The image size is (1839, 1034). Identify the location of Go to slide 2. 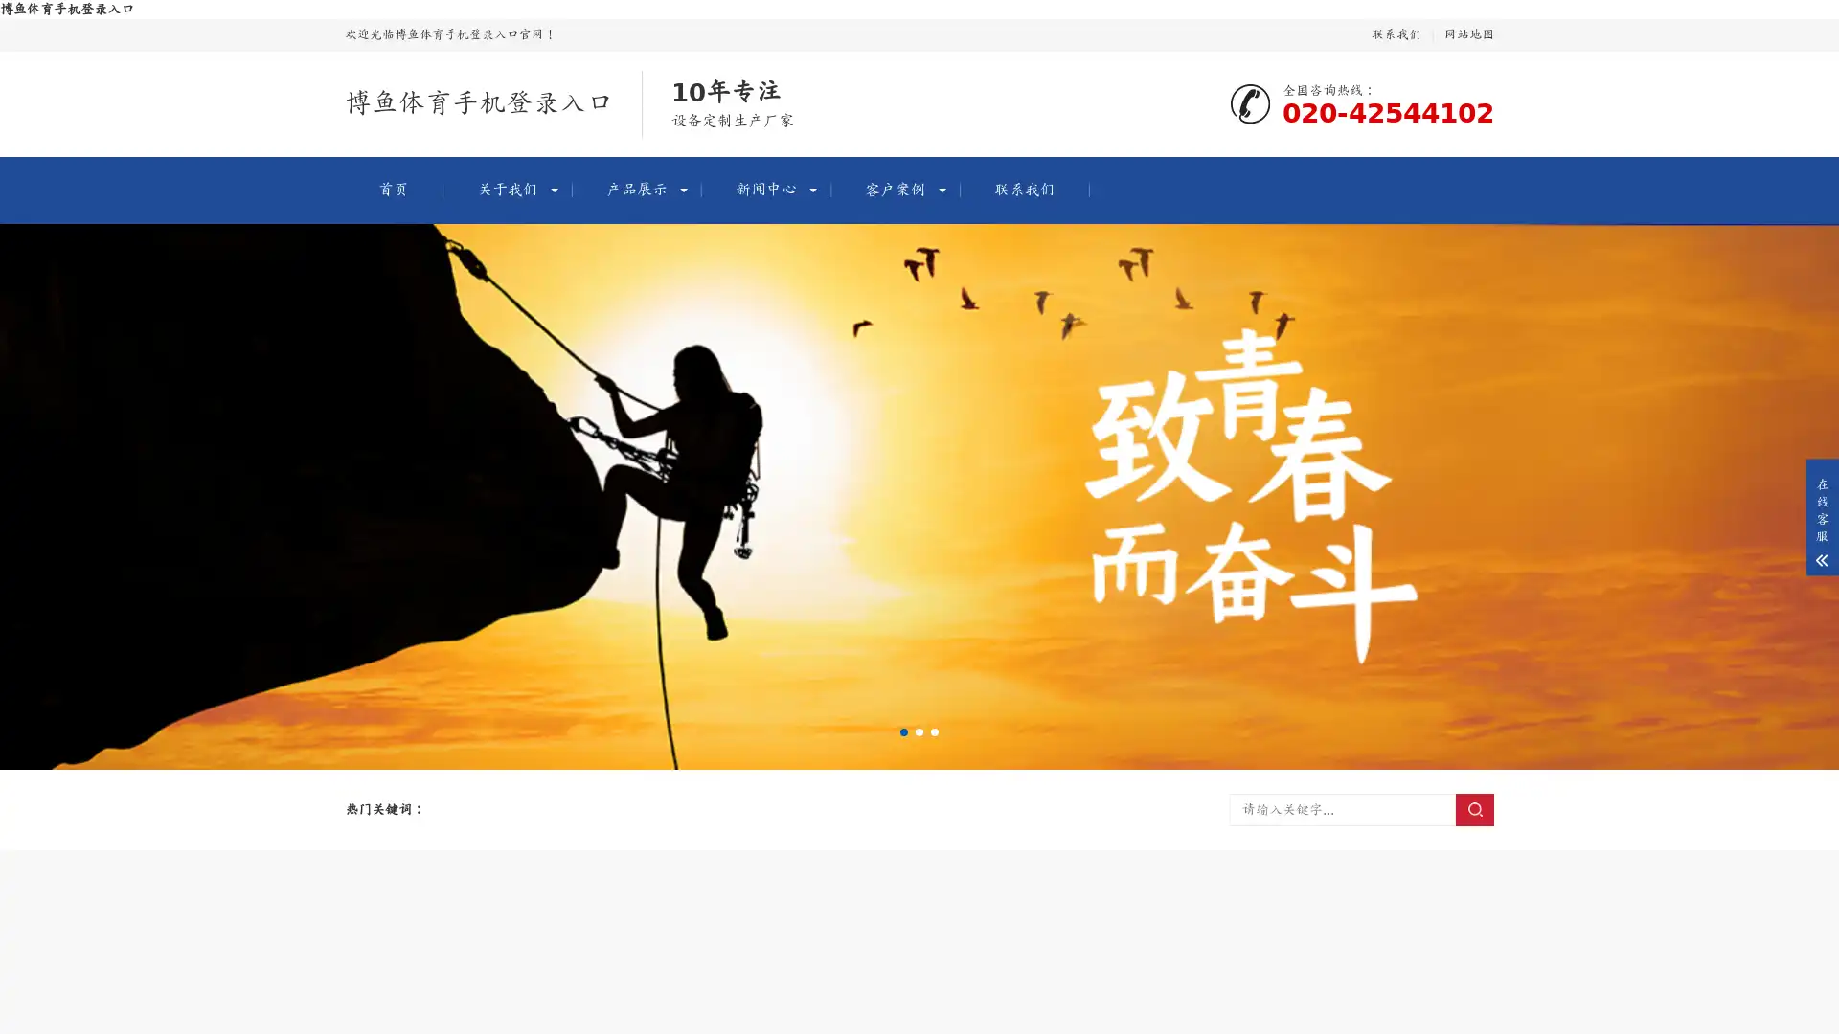
(919, 731).